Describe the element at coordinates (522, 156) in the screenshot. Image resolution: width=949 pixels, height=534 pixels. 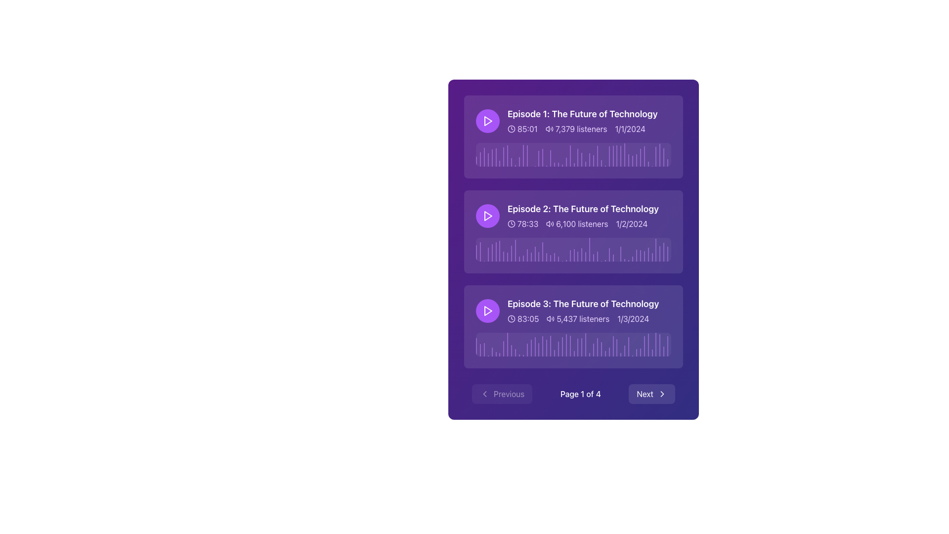
I see `the 13th vertical bar segment of the progress indicator in the audio playback waveform by clicking on it` at that location.